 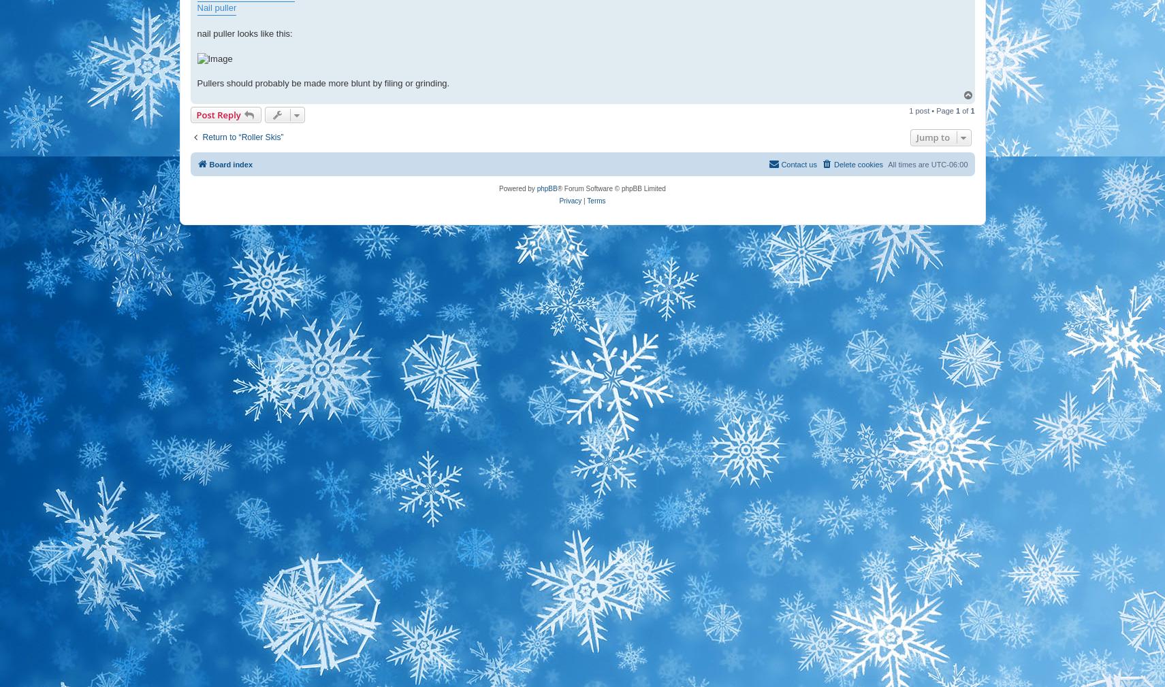 What do you see at coordinates (611, 188) in the screenshot?
I see `'® Forum Software © phpBB Limited'` at bounding box center [611, 188].